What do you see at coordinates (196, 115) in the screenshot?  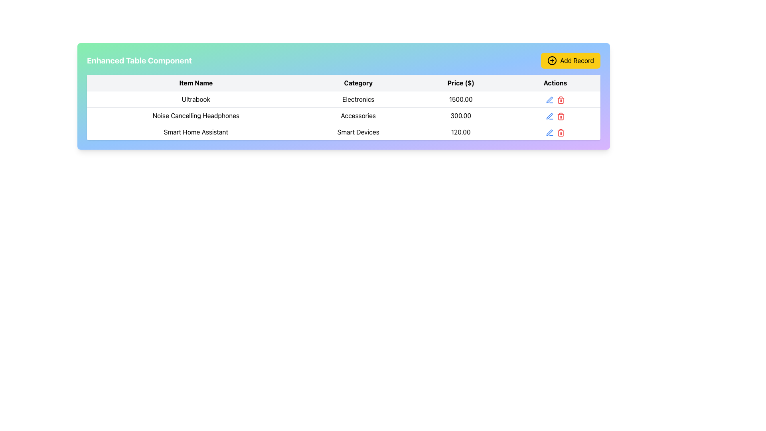 I see `text of the label displaying 'Noise Cancelling Headphones' located under the 'Item Name' column in the second row of the table` at bounding box center [196, 115].